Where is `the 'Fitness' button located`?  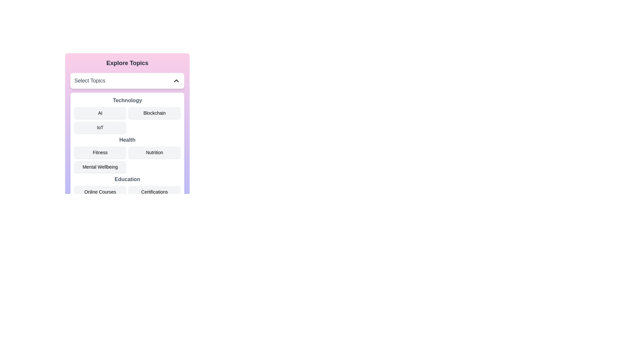
the 'Fitness' button located is located at coordinates (100, 152).